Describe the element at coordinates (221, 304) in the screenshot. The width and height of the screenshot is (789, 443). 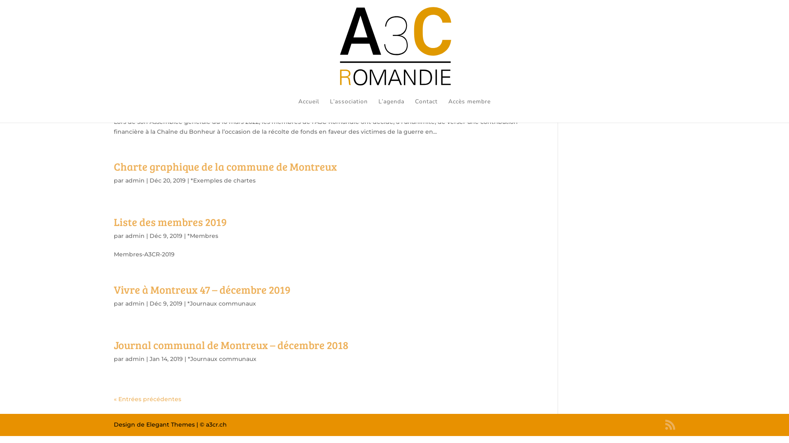
I see `'*Journaux communaux'` at that location.